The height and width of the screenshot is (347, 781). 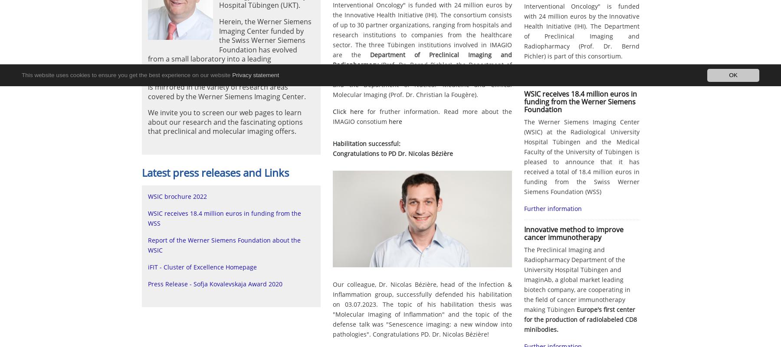 What do you see at coordinates (366, 143) in the screenshot?
I see `'Habilitation successful:'` at bounding box center [366, 143].